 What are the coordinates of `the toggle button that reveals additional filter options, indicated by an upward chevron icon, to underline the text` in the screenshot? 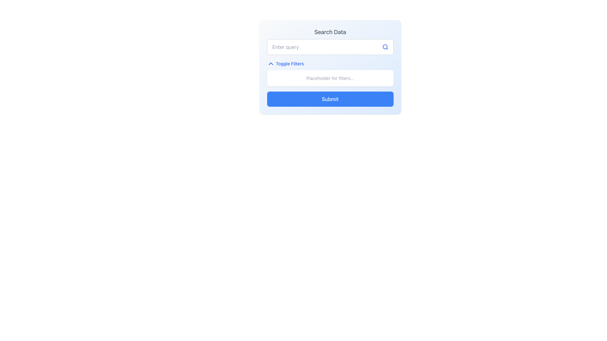 It's located at (285, 63).